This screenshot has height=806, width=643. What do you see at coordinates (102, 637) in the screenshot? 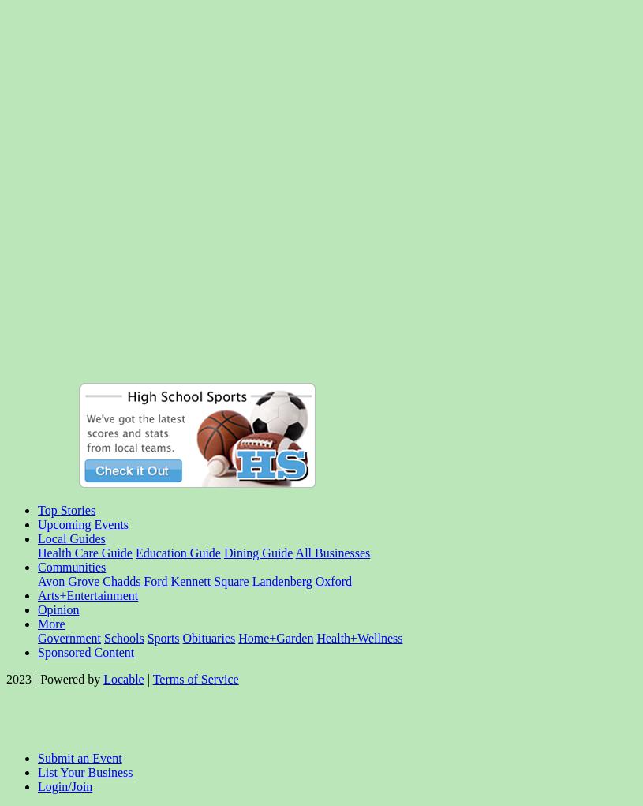
I see `'Schools'` at bounding box center [102, 637].